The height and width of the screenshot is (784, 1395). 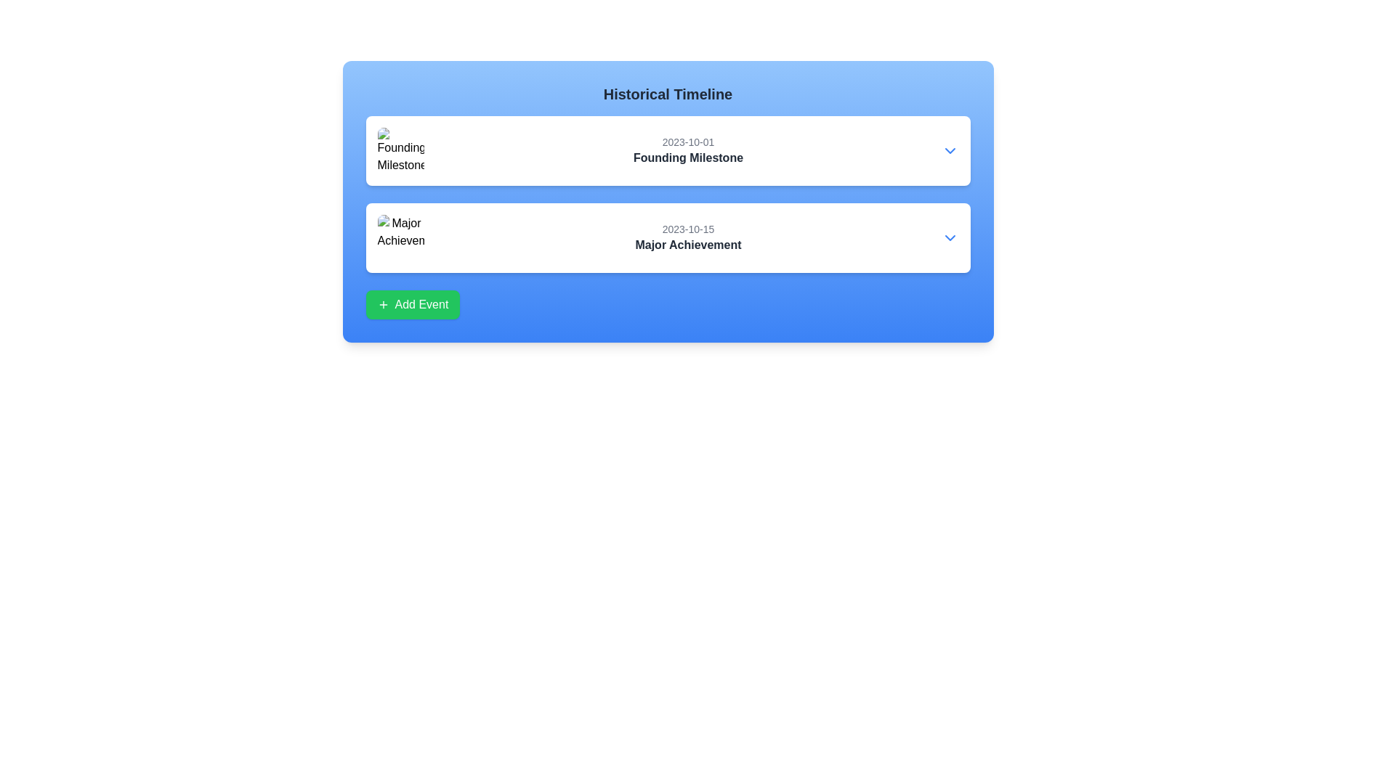 What do you see at coordinates (687, 245) in the screenshot?
I see `the styled text label displaying 'Major Achievement', which is prominently formatted and positioned under the date '2023-10-15'` at bounding box center [687, 245].